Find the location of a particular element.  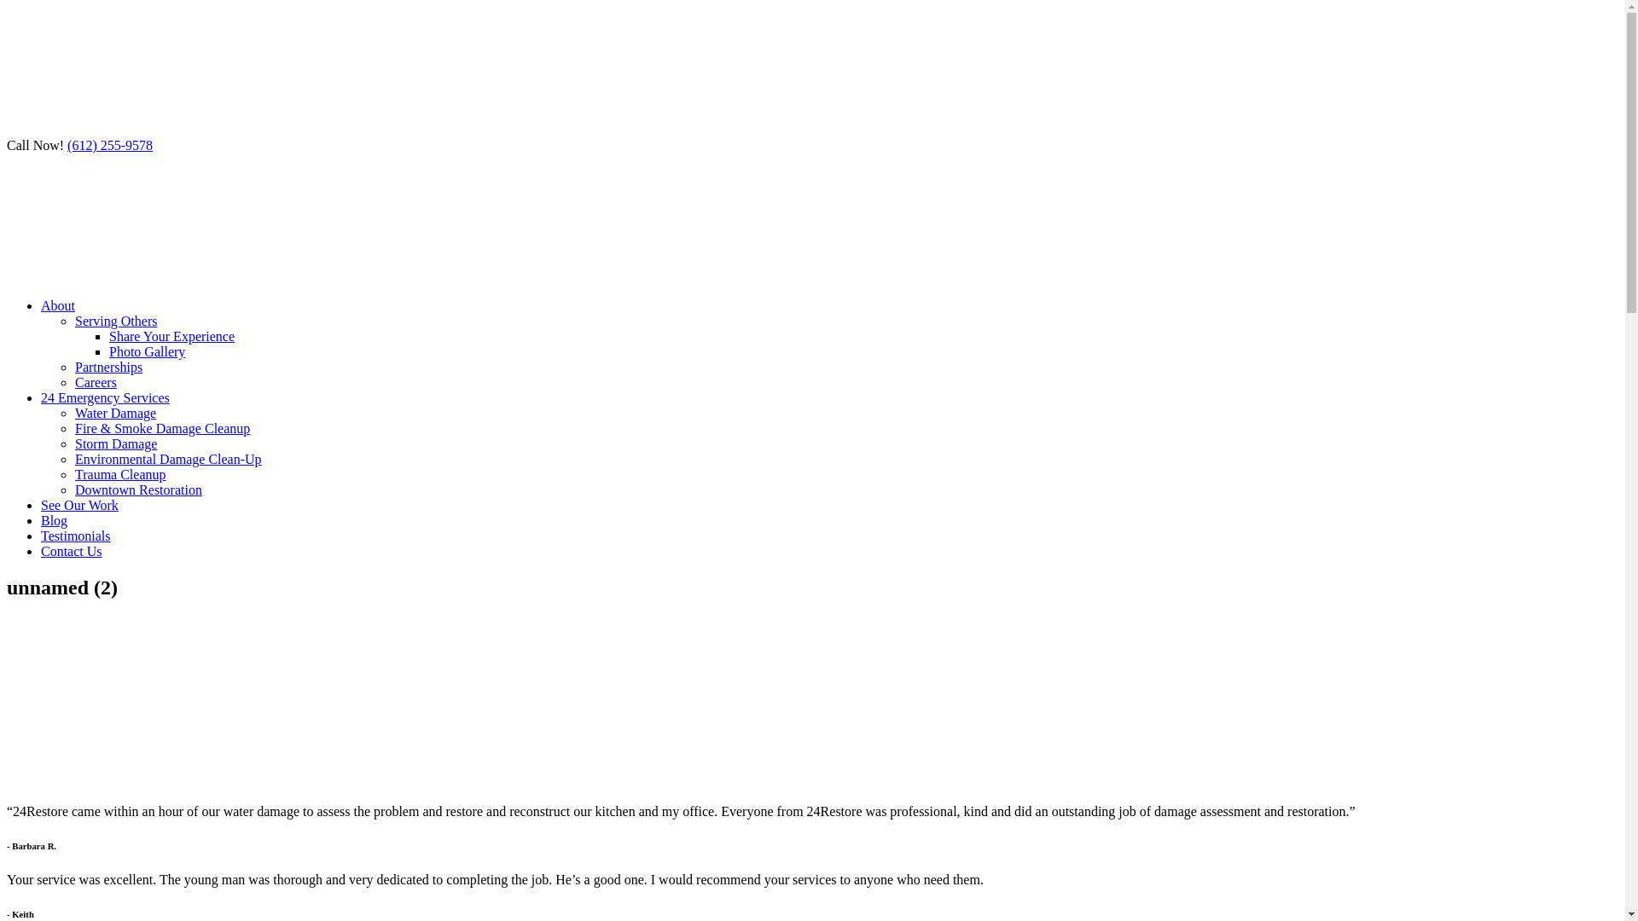

'Partnerships' is located at coordinates (107, 366).